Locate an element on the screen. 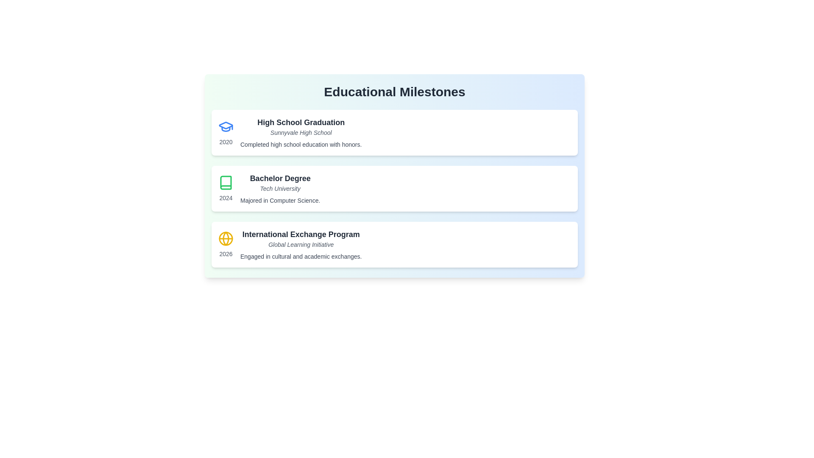 The image size is (814, 458). the yellow circular icon that is part of the globe icon, located at the center of the globe which is to the left of the 'International Exchange Program' text is located at coordinates (226, 239).